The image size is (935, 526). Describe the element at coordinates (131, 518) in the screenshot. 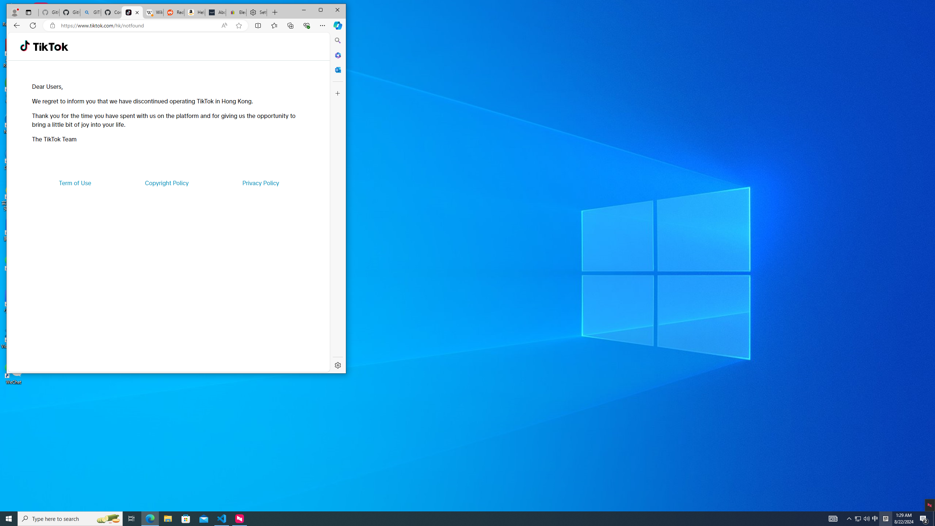

I see `'Task View'` at that location.